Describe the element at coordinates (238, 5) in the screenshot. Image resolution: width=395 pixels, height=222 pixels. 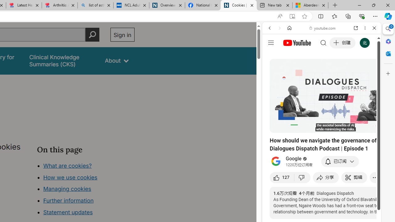
I see `'Cookies | About | NICE'` at that location.